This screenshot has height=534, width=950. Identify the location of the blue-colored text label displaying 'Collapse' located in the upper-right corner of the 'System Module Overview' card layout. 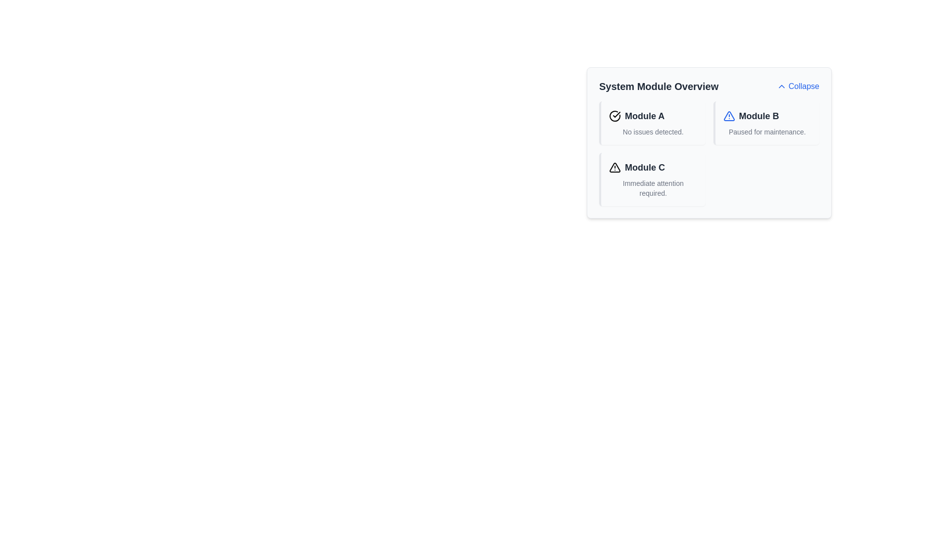
(804, 86).